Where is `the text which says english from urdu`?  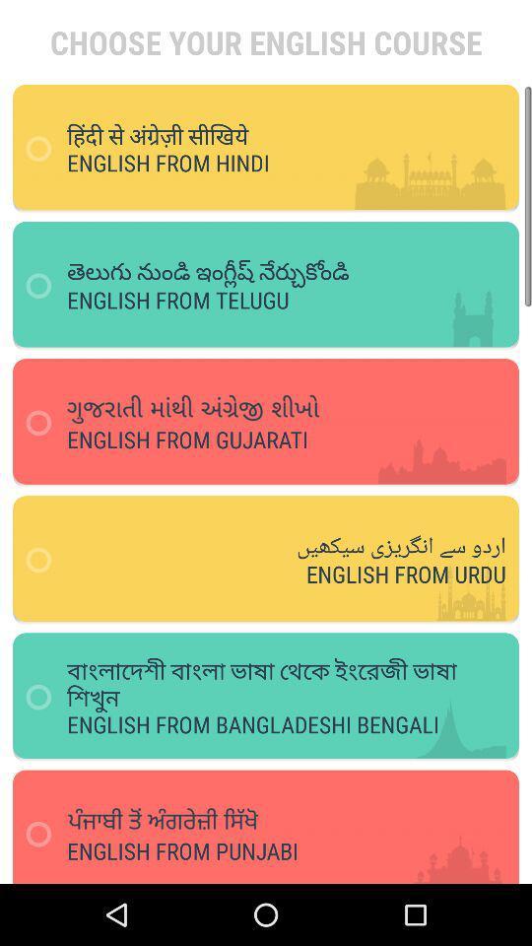
the text which says english from urdu is located at coordinates (376, 592).